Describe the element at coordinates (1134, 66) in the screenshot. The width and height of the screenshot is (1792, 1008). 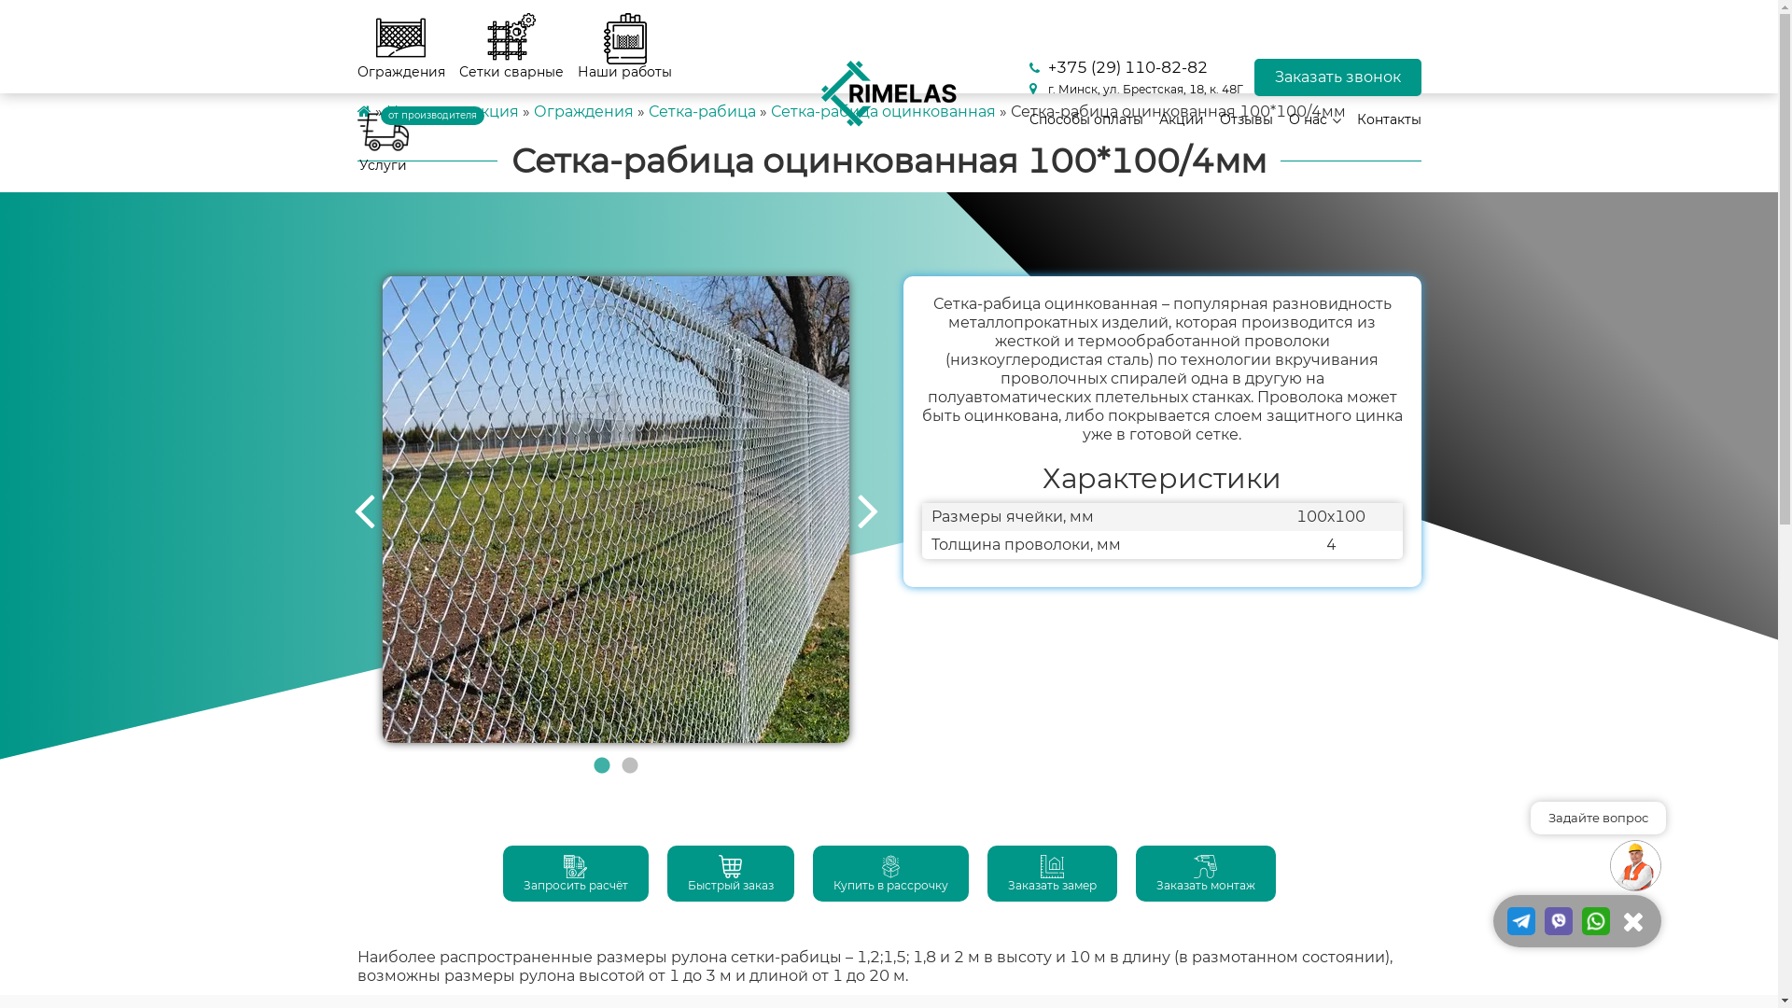
I see `'+375 (29) 110-82-82'` at that location.